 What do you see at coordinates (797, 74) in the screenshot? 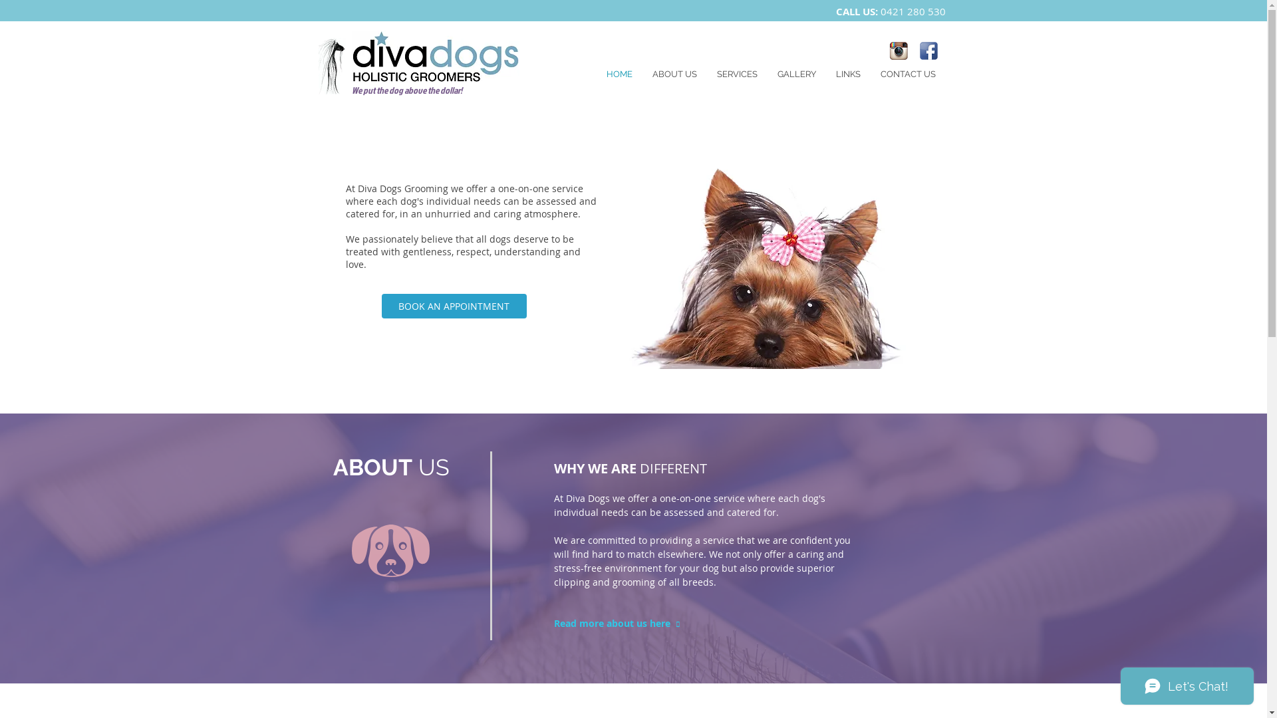
I see `'GALLERY'` at bounding box center [797, 74].